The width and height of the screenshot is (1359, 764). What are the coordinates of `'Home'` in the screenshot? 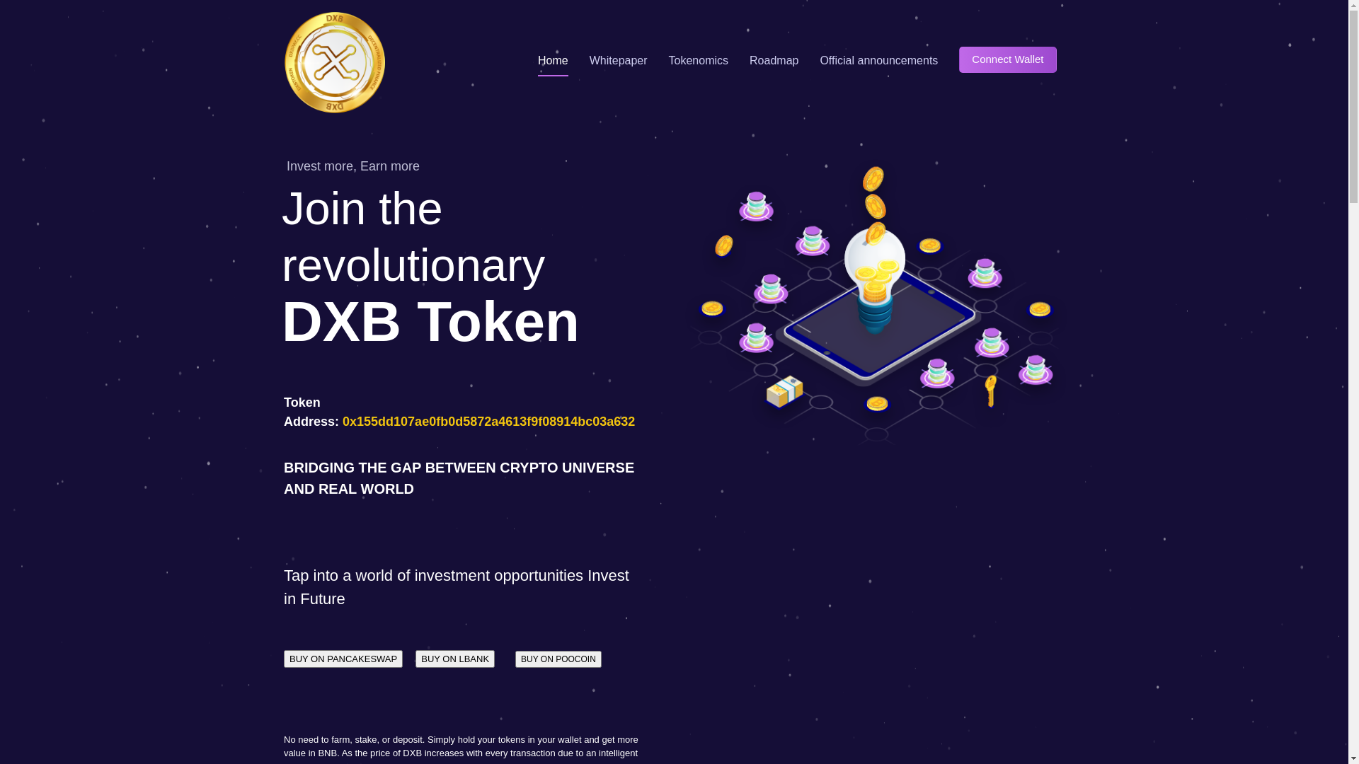 It's located at (537, 61).